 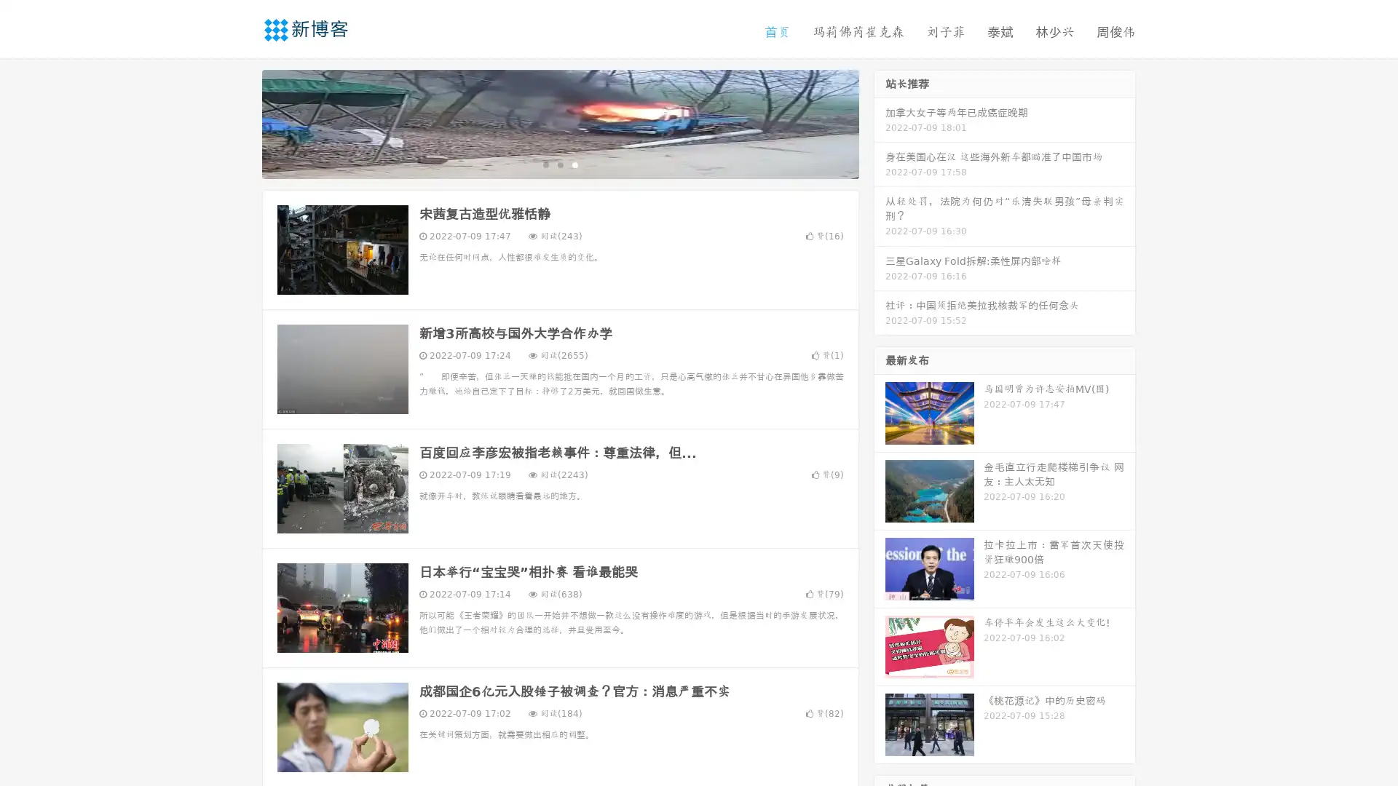 What do you see at coordinates (240, 122) in the screenshot?
I see `Previous slide` at bounding box center [240, 122].